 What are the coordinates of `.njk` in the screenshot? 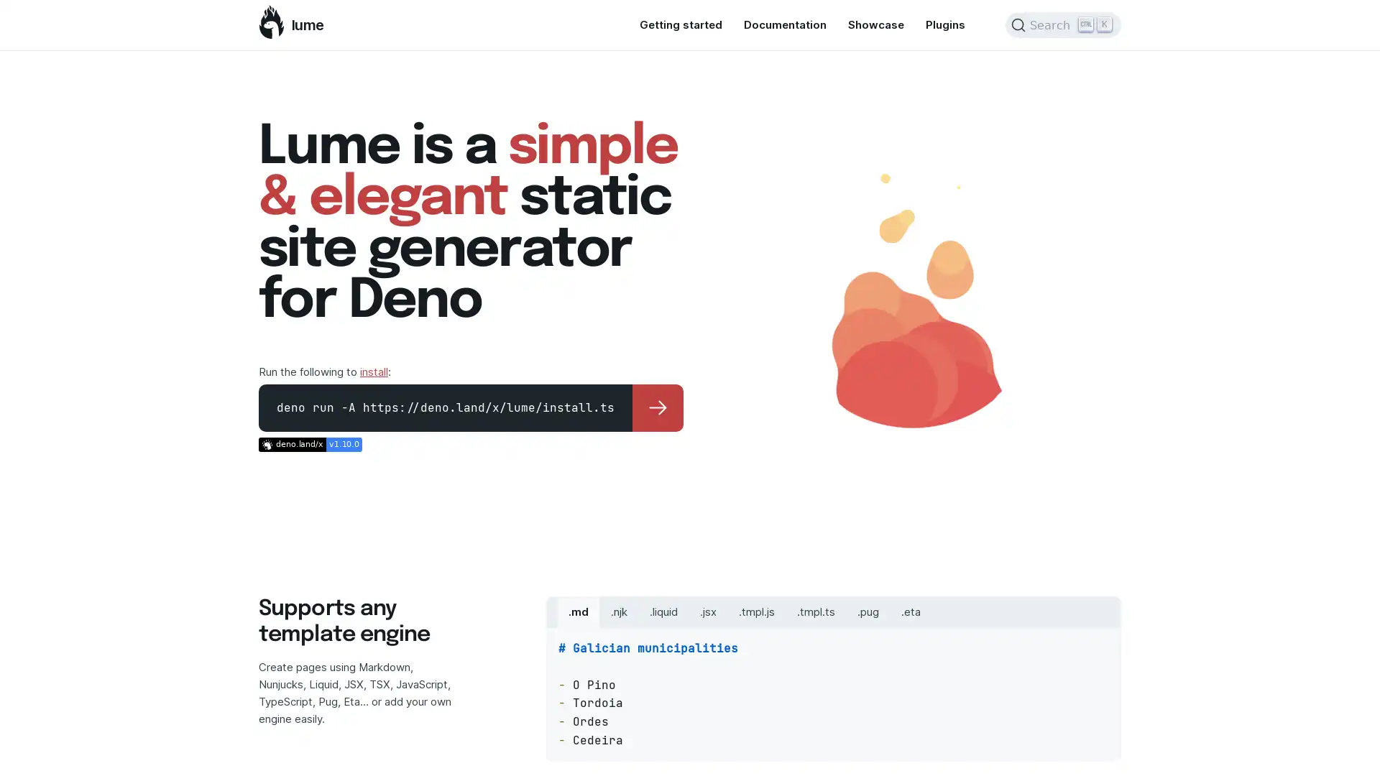 It's located at (619, 611).